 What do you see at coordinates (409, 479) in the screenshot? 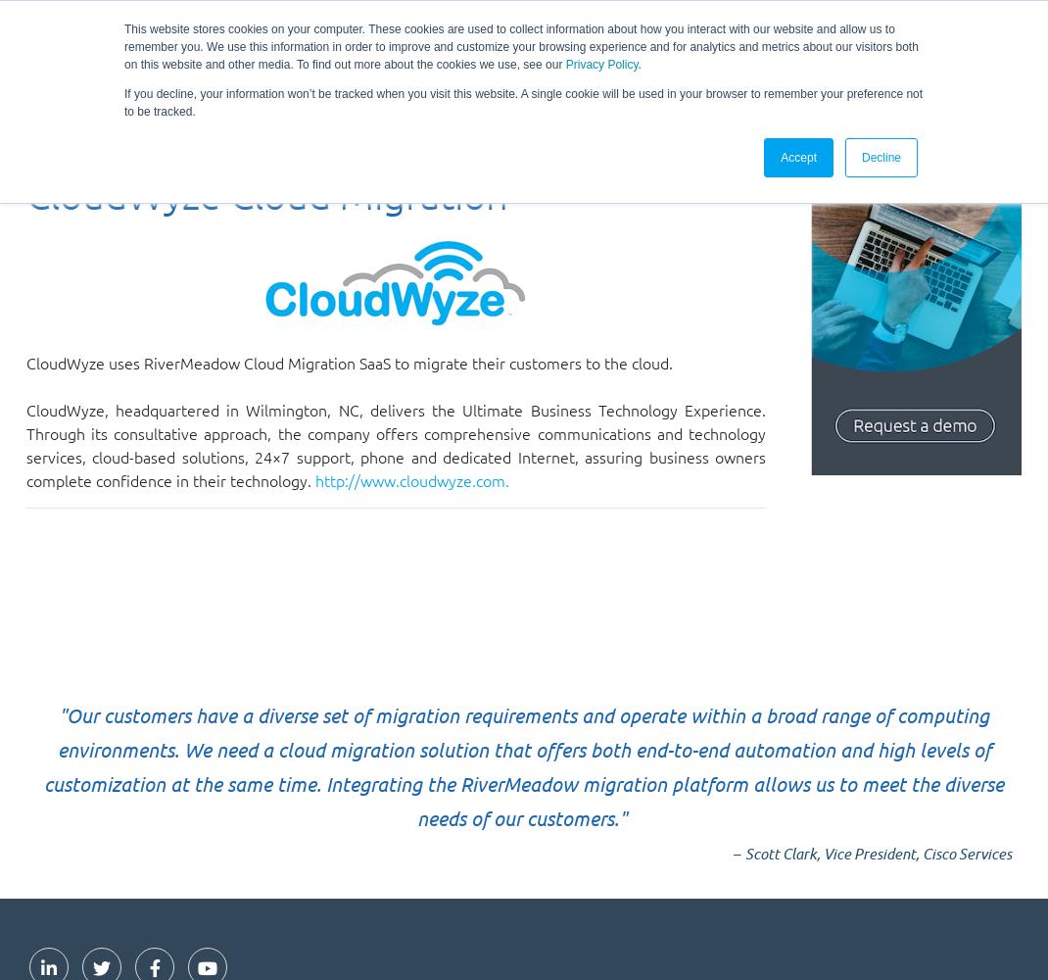
I see `'http://www.cloudwyze.com.'` at bounding box center [409, 479].